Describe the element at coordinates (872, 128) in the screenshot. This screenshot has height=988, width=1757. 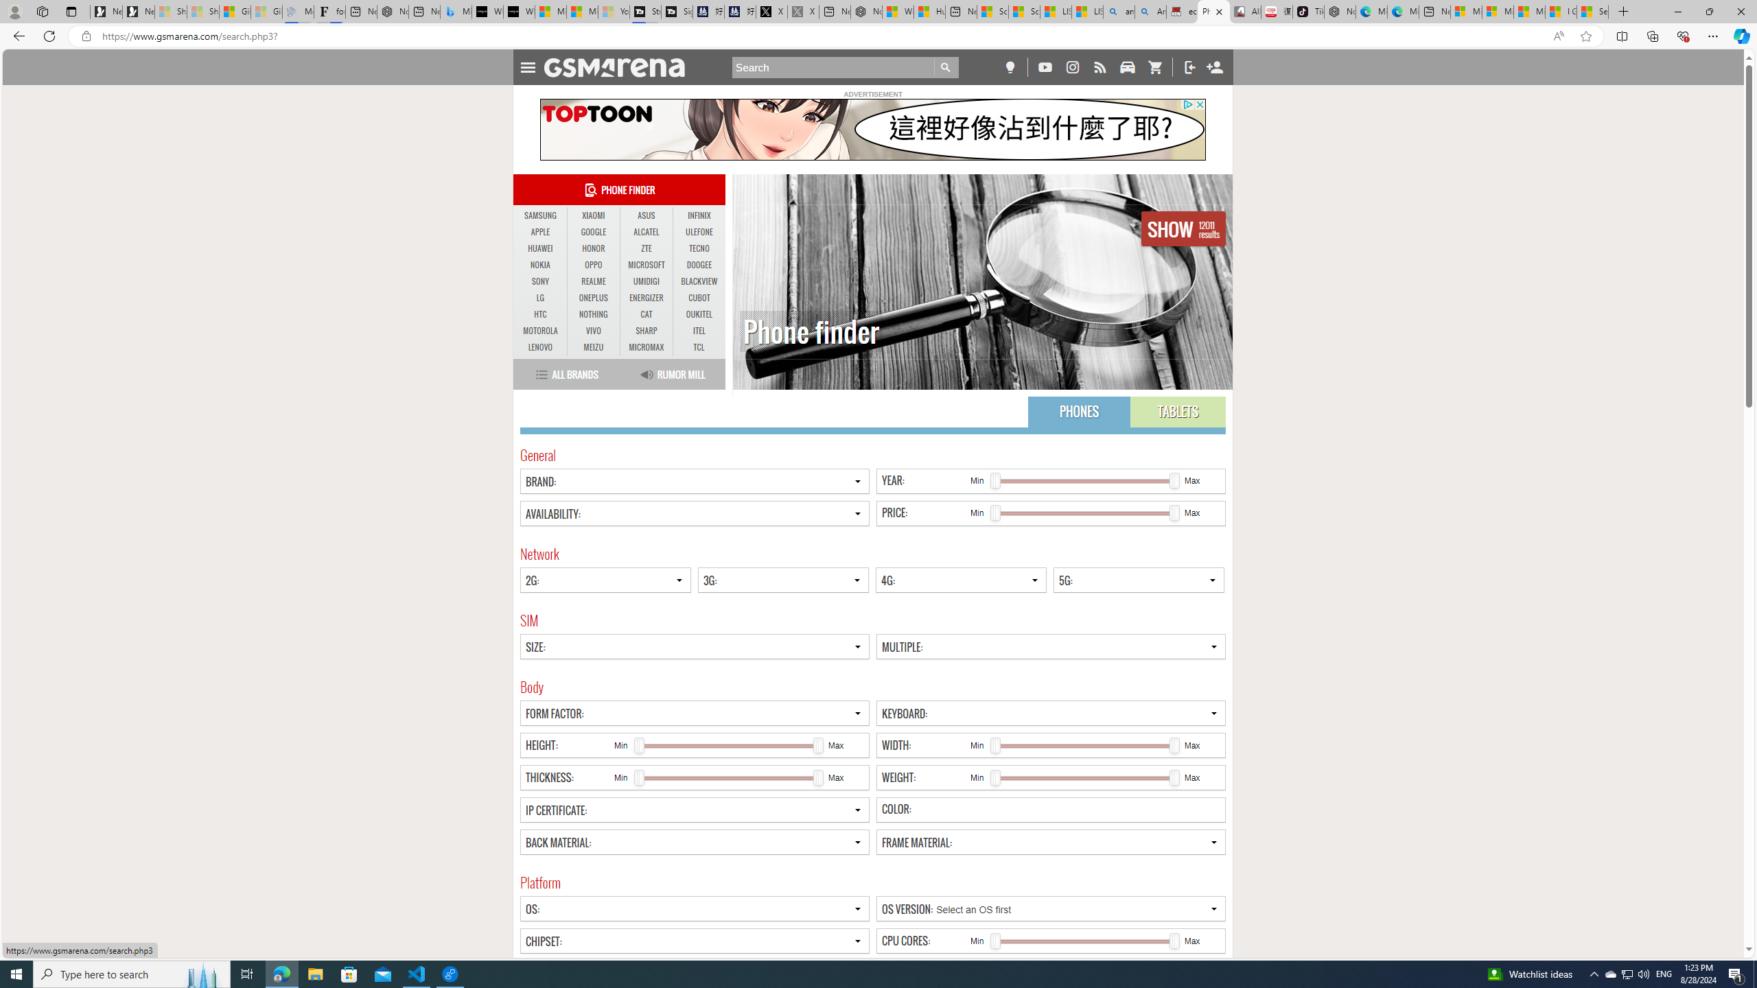
I see `'To get missing image descriptions, open the context menu.'` at that location.